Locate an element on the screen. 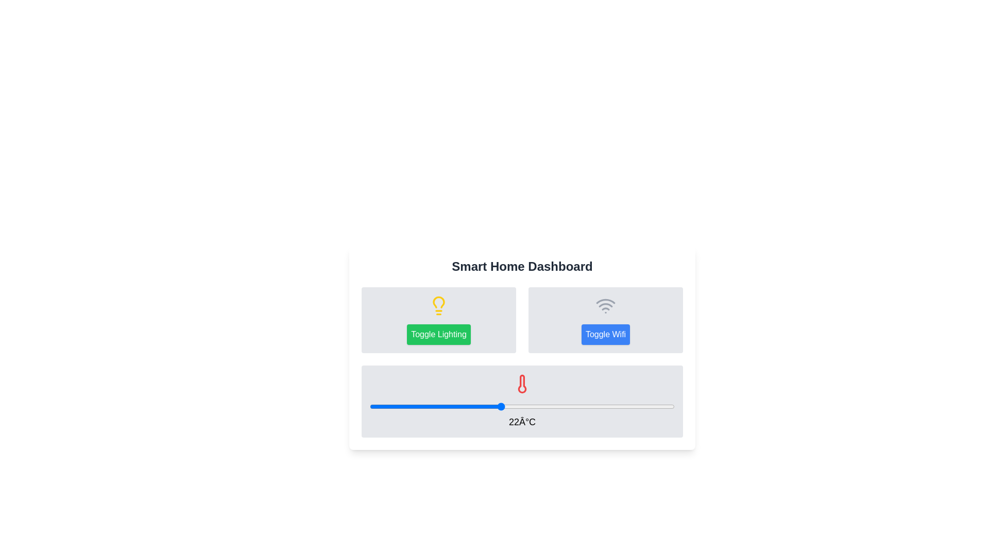  the rectangular button with a blue background and white text reading 'Toggle Wifi' is located at coordinates (606, 335).